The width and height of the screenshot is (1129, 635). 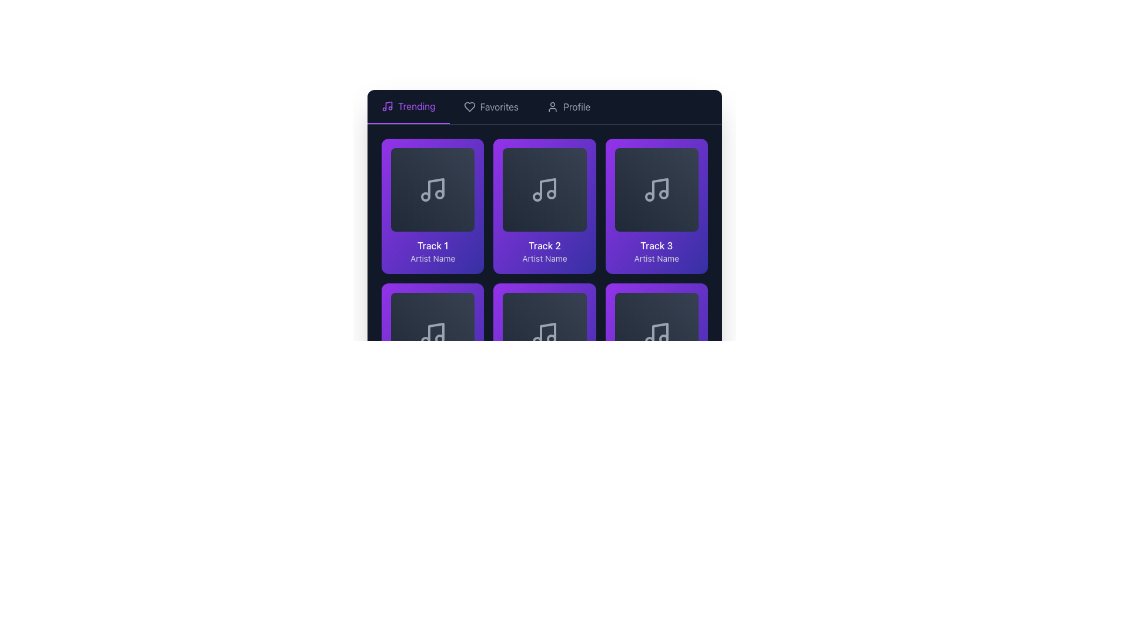 What do you see at coordinates (663, 194) in the screenshot?
I see `the second SVG circle element within the music icon located in the third card of the first row in a grid layout` at bounding box center [663, 194].